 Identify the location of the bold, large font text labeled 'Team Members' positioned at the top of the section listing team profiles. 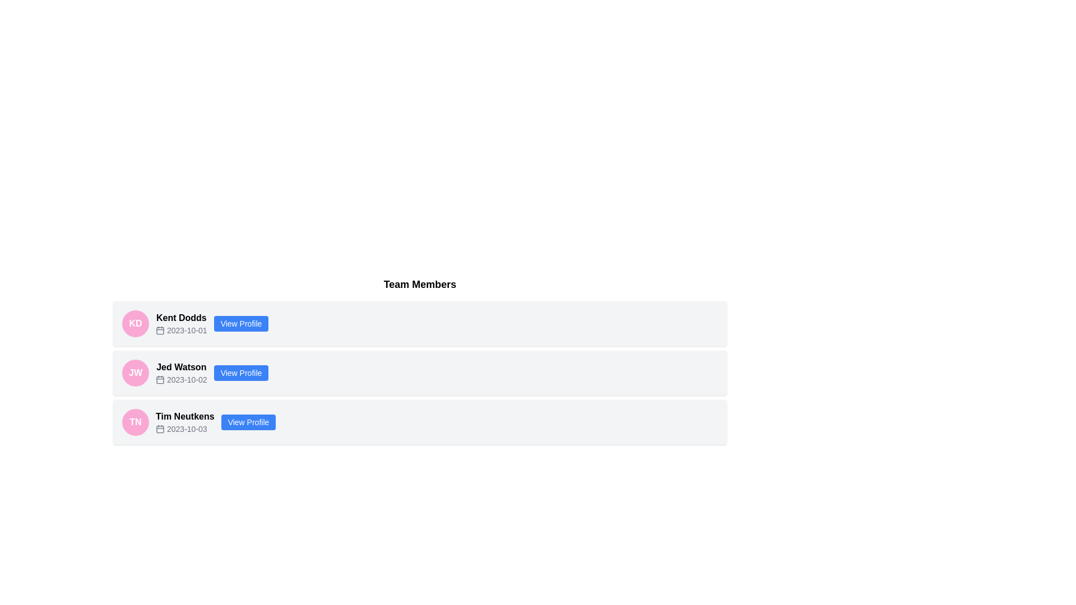
(419, 284).